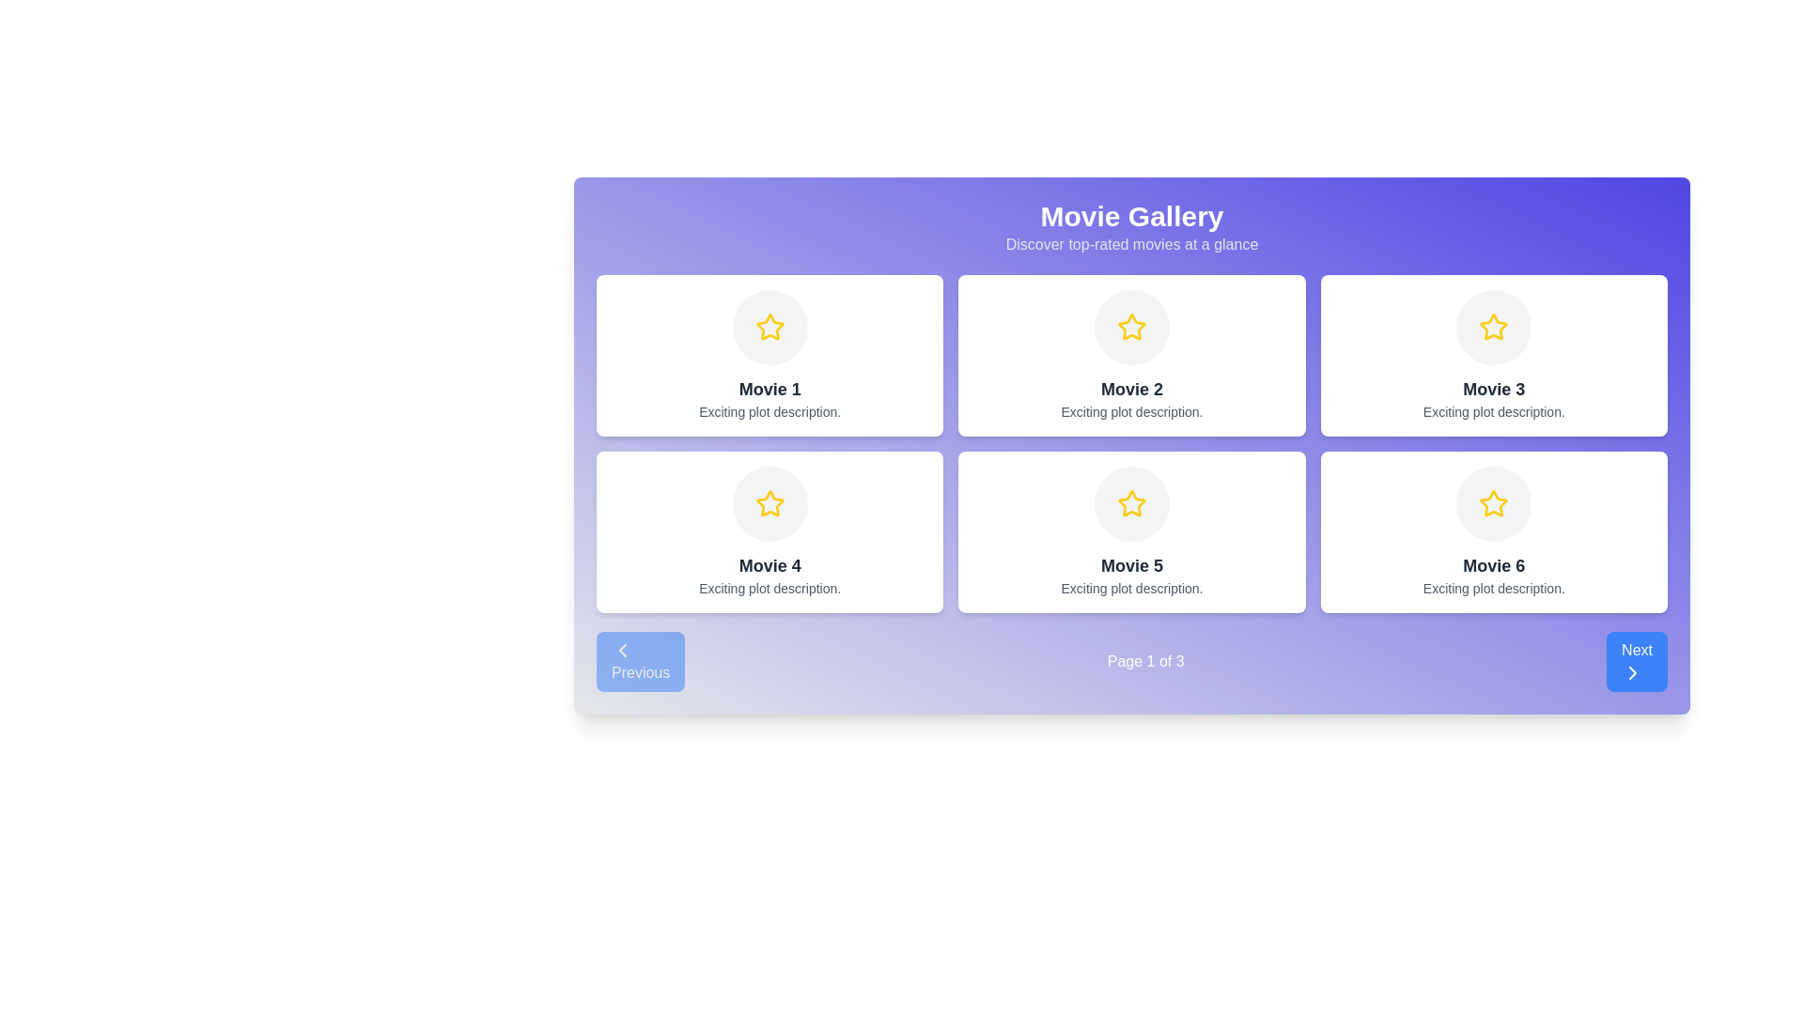  I want to click on the bold, white text displaying the title 'Movie Gallery' located at the top central area of the interface on a gradient purple background, so click(1130, 216).